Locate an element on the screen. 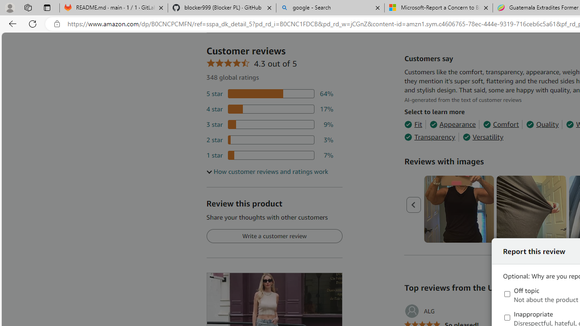 The image size is (580, 326). '3 percent of reviews have 2 stars' is located at coordinates (269, 140).